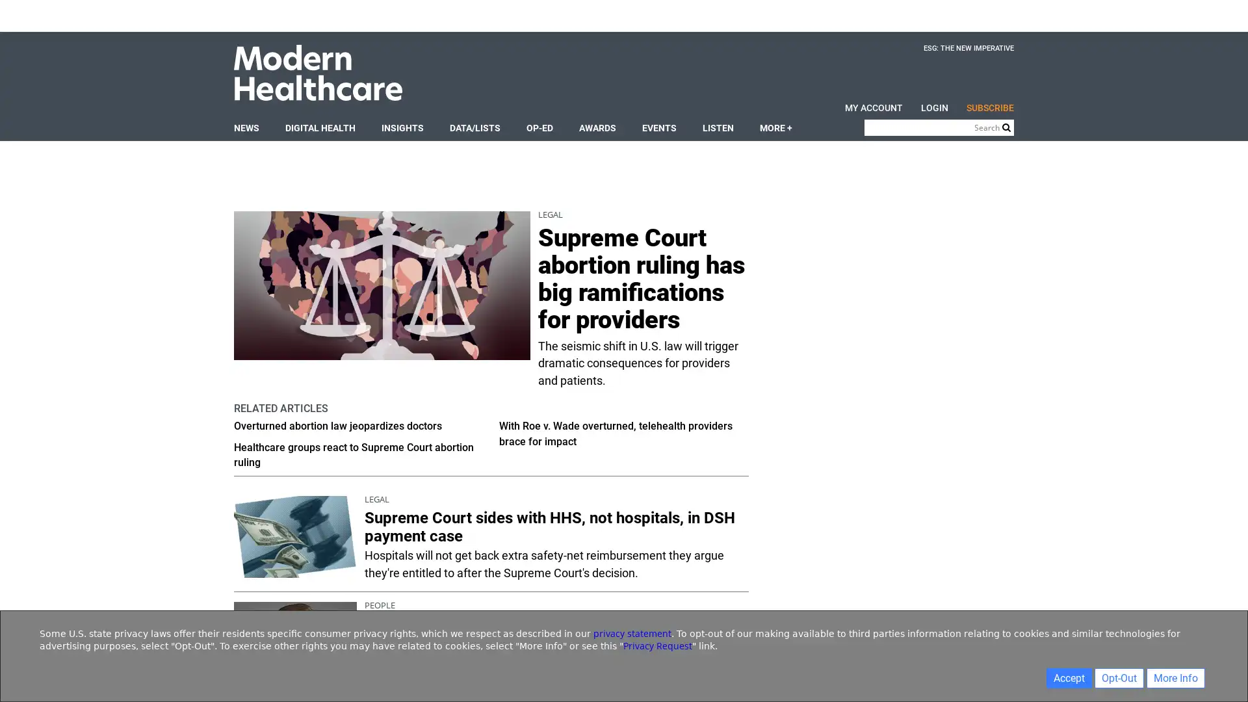 The width and height of the screenshot is (1248, 702). I want to click on Accept, so click(1069, 677).